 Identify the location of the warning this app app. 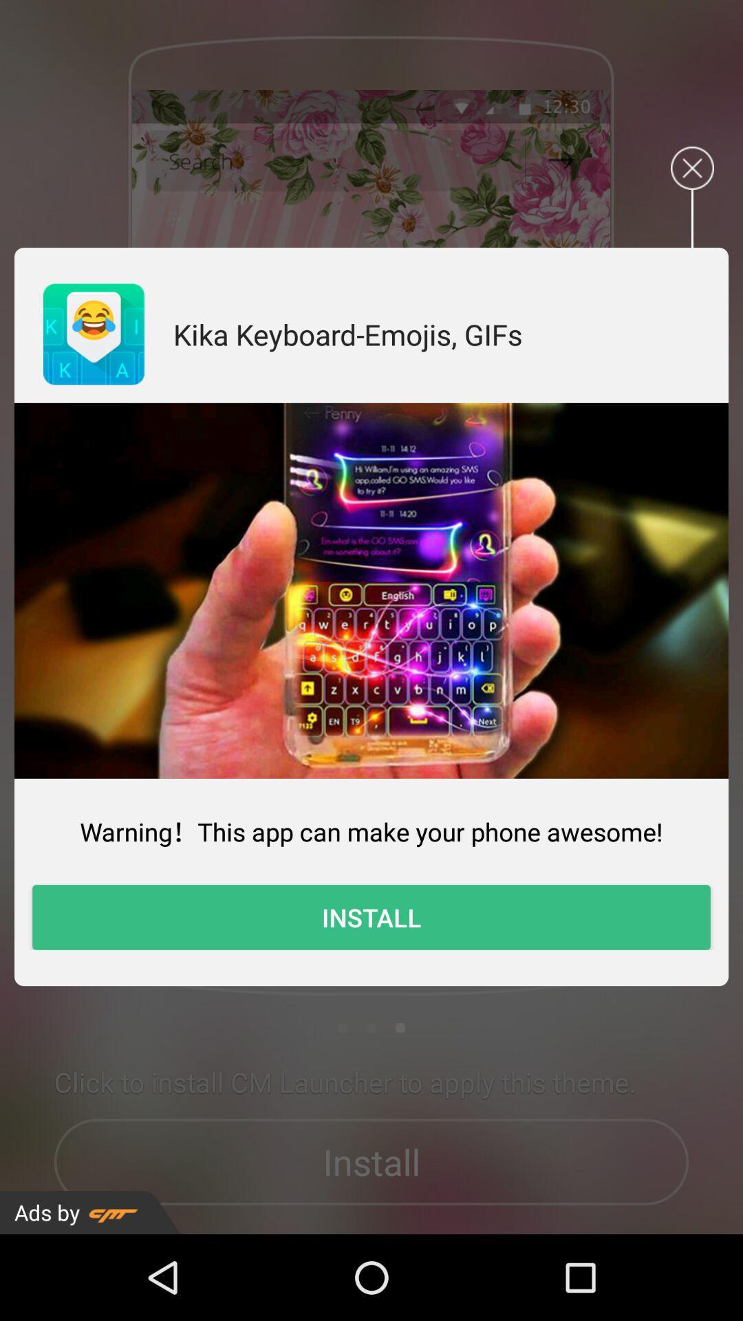
(371, 831).